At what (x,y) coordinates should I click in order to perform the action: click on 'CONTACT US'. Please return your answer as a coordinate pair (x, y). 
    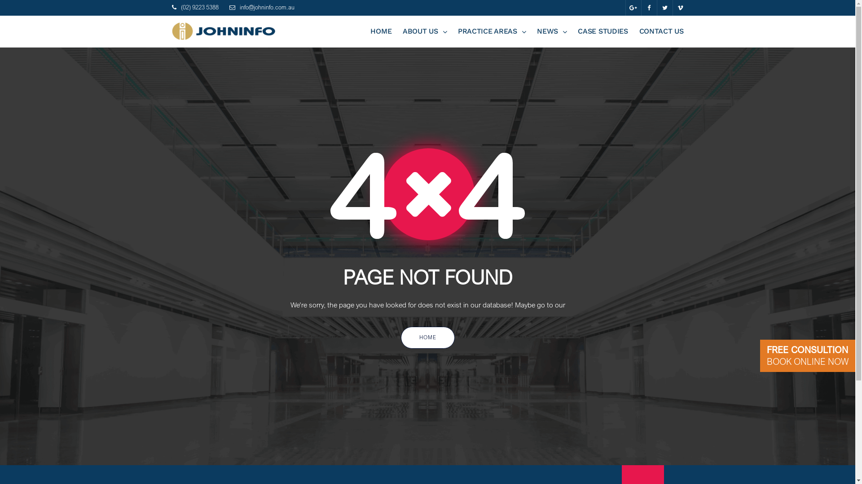
    Looking at the image, I should click on (661, 30).